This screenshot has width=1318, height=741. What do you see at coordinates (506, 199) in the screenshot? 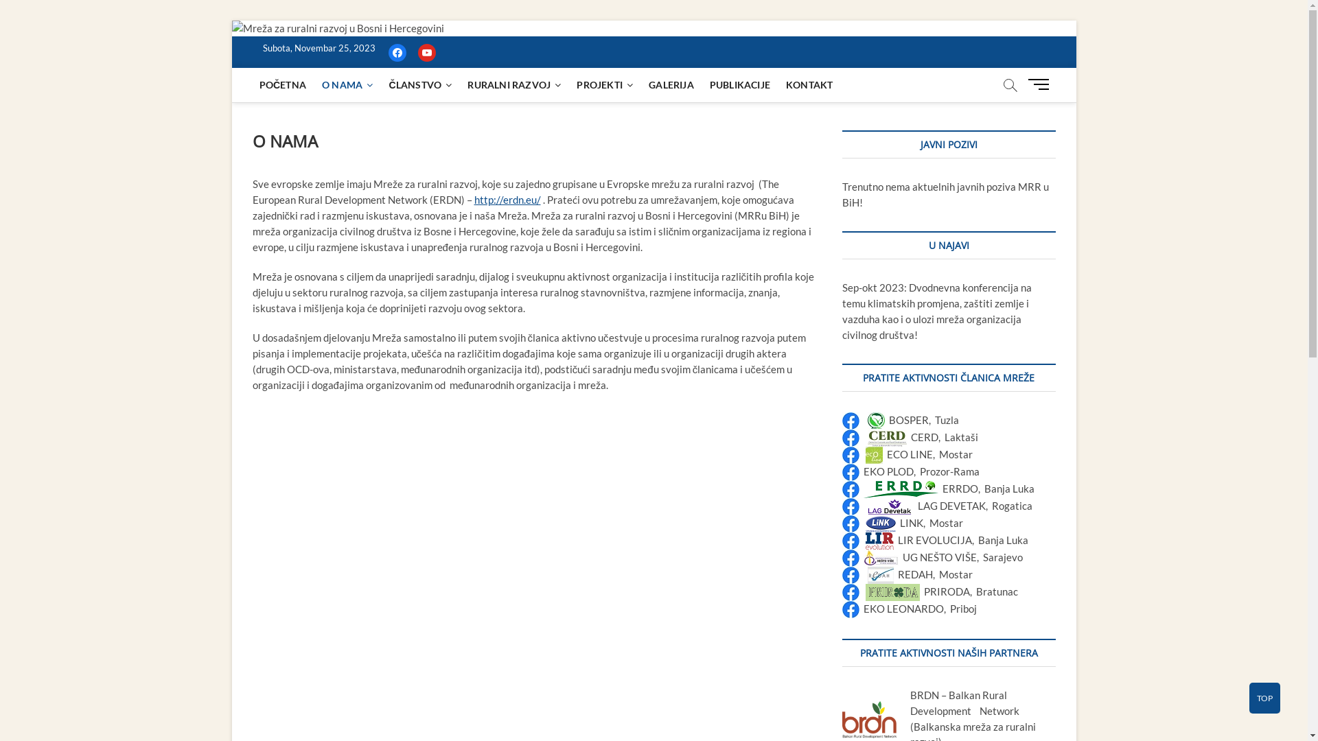
I see `'http://erdn.eu/'` at bounding box center [506, 199].